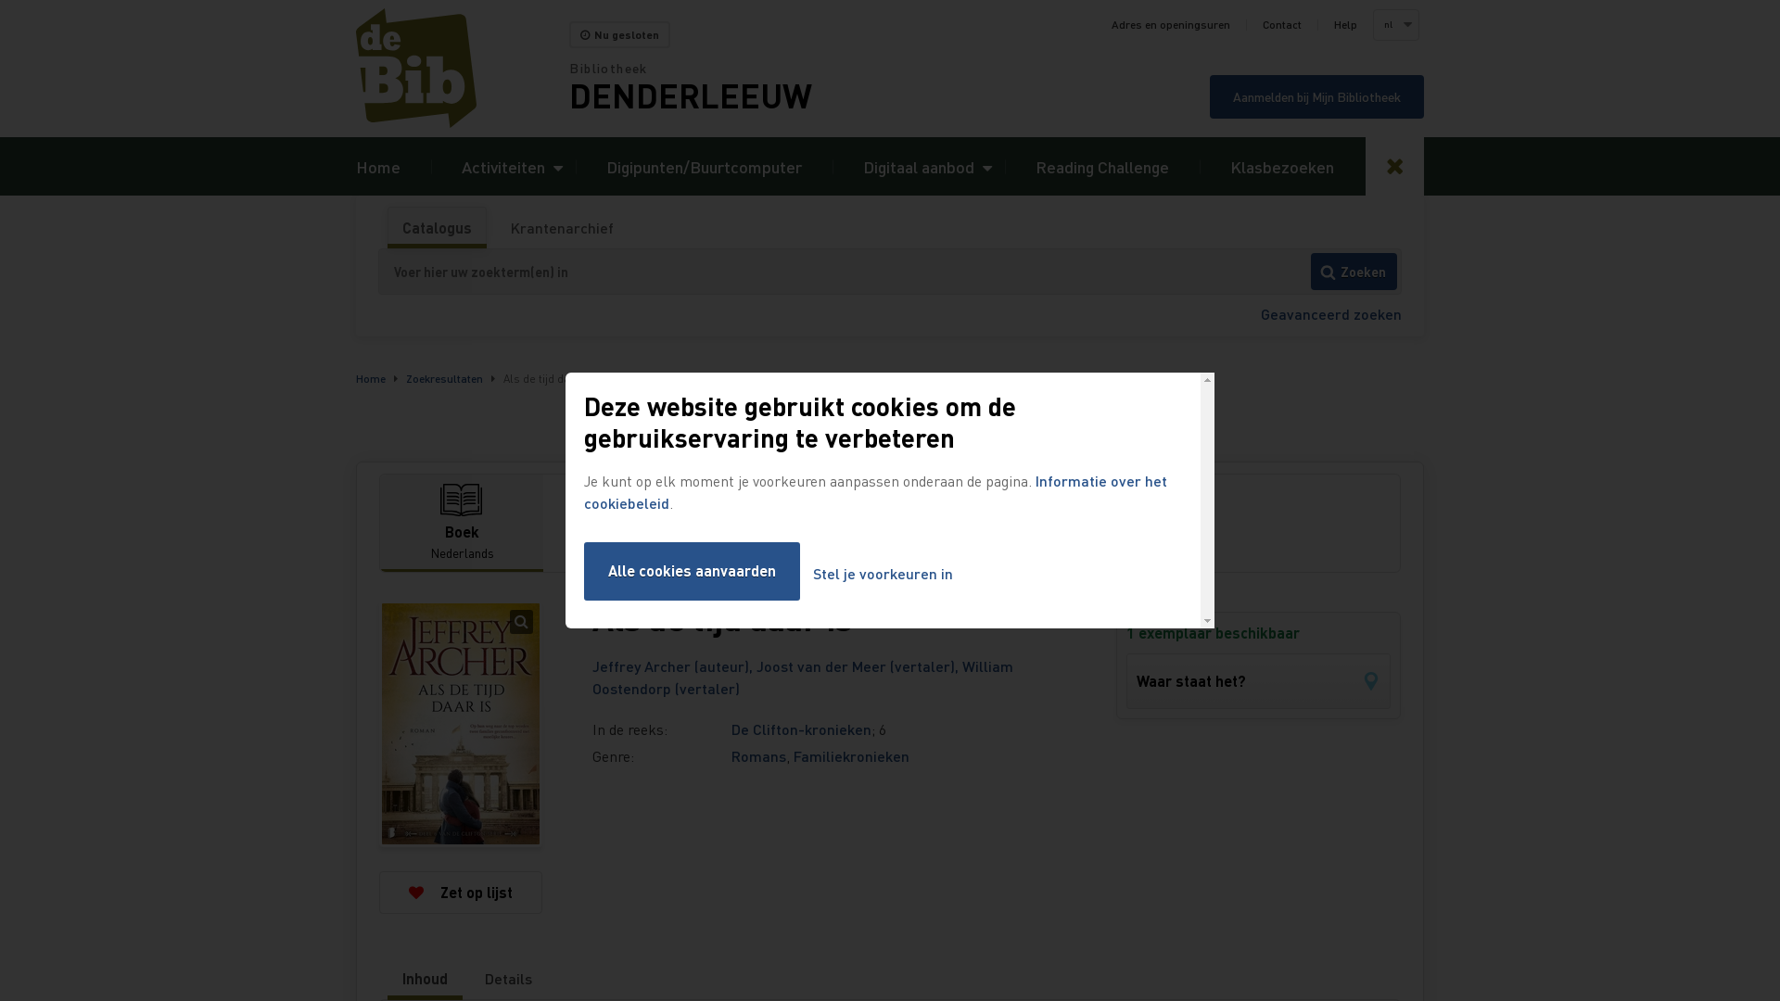  I want to click on 'Home', so click(377, 165).